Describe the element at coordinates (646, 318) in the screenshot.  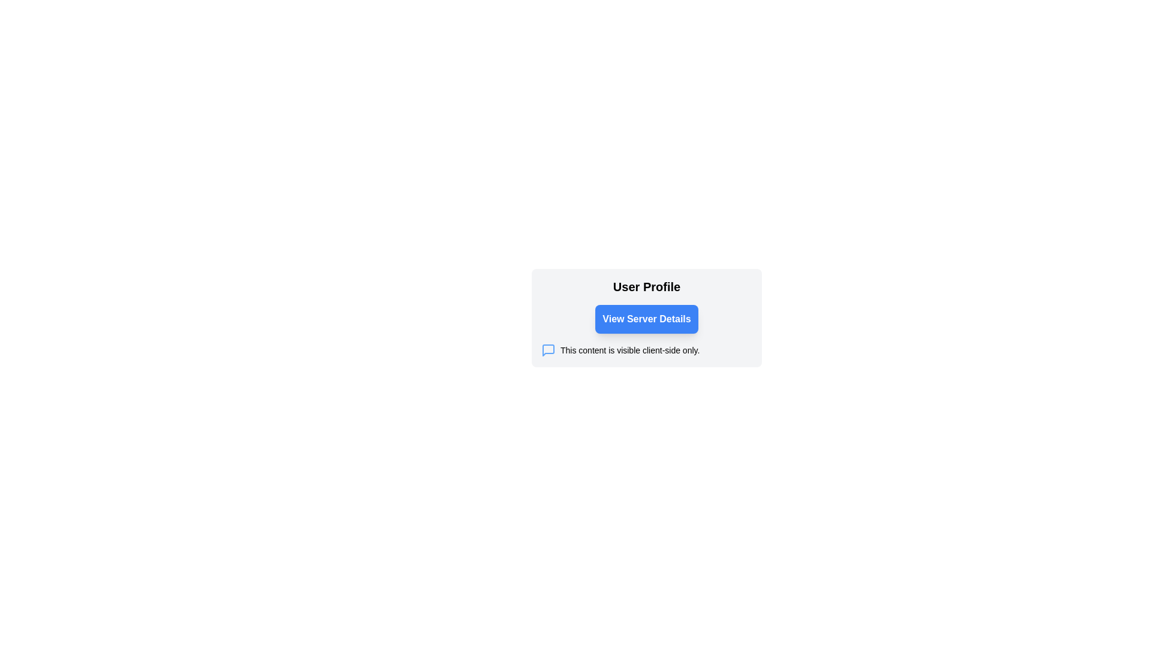
I see `the button for viewing server details` at that location.